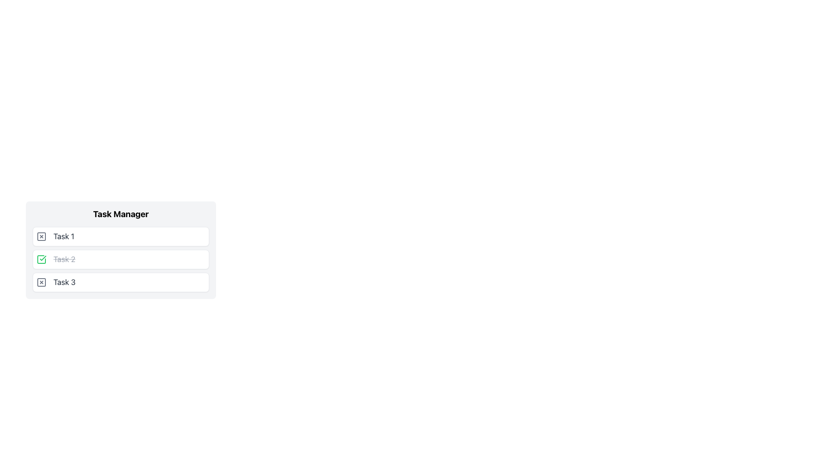 The width and height of the screenshot is (815, 458). What do you see at coordinates (64, 282) in the screenshot?
I see `the text label displaying 'Task 3' located at the bottom of the task list in the task management interface` at bounding box center [64, 282].